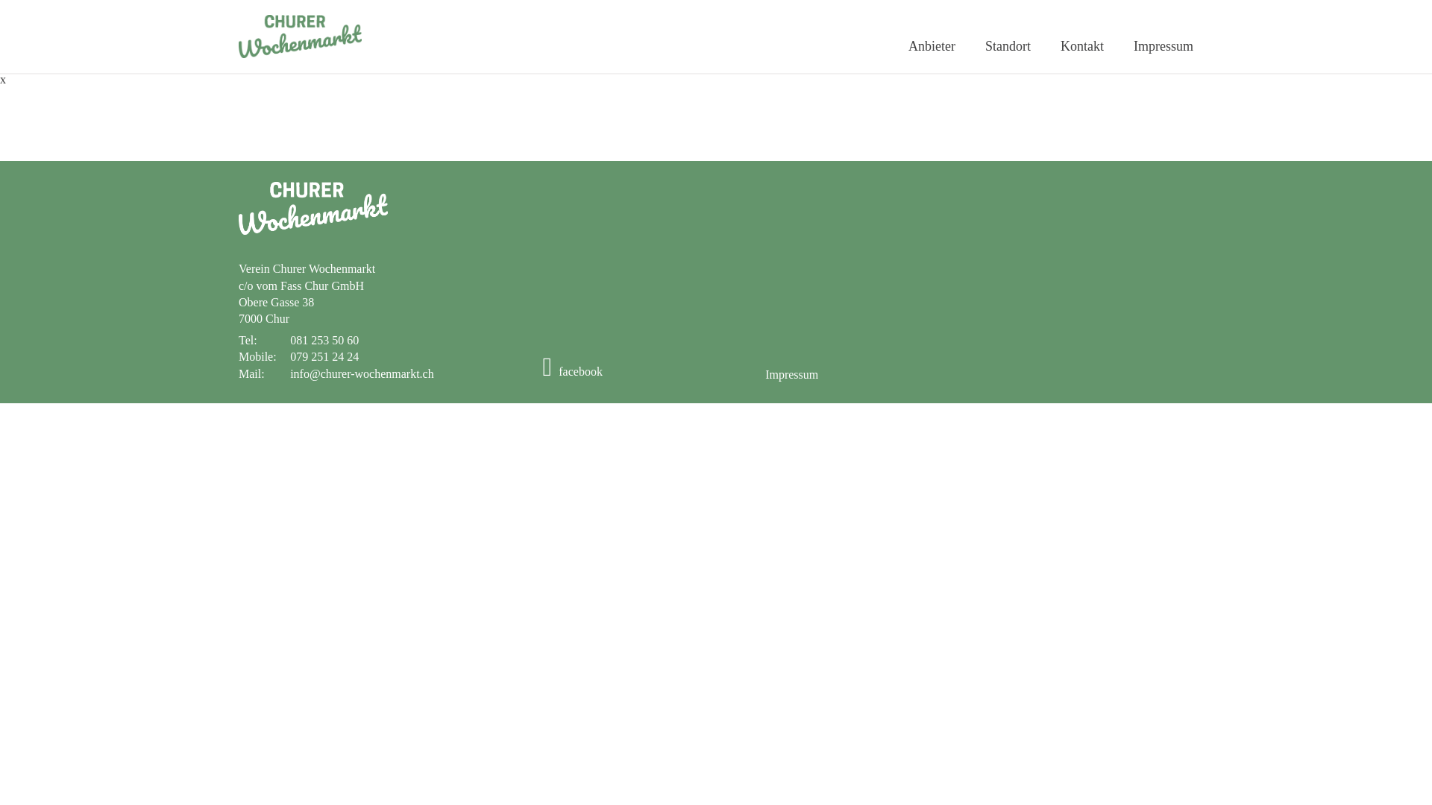 The height and width of the screenshot is (805, 1432). Describe the element at coordinates (1081, 45) in the screenshot. I see `'Kontakt'` at that location.